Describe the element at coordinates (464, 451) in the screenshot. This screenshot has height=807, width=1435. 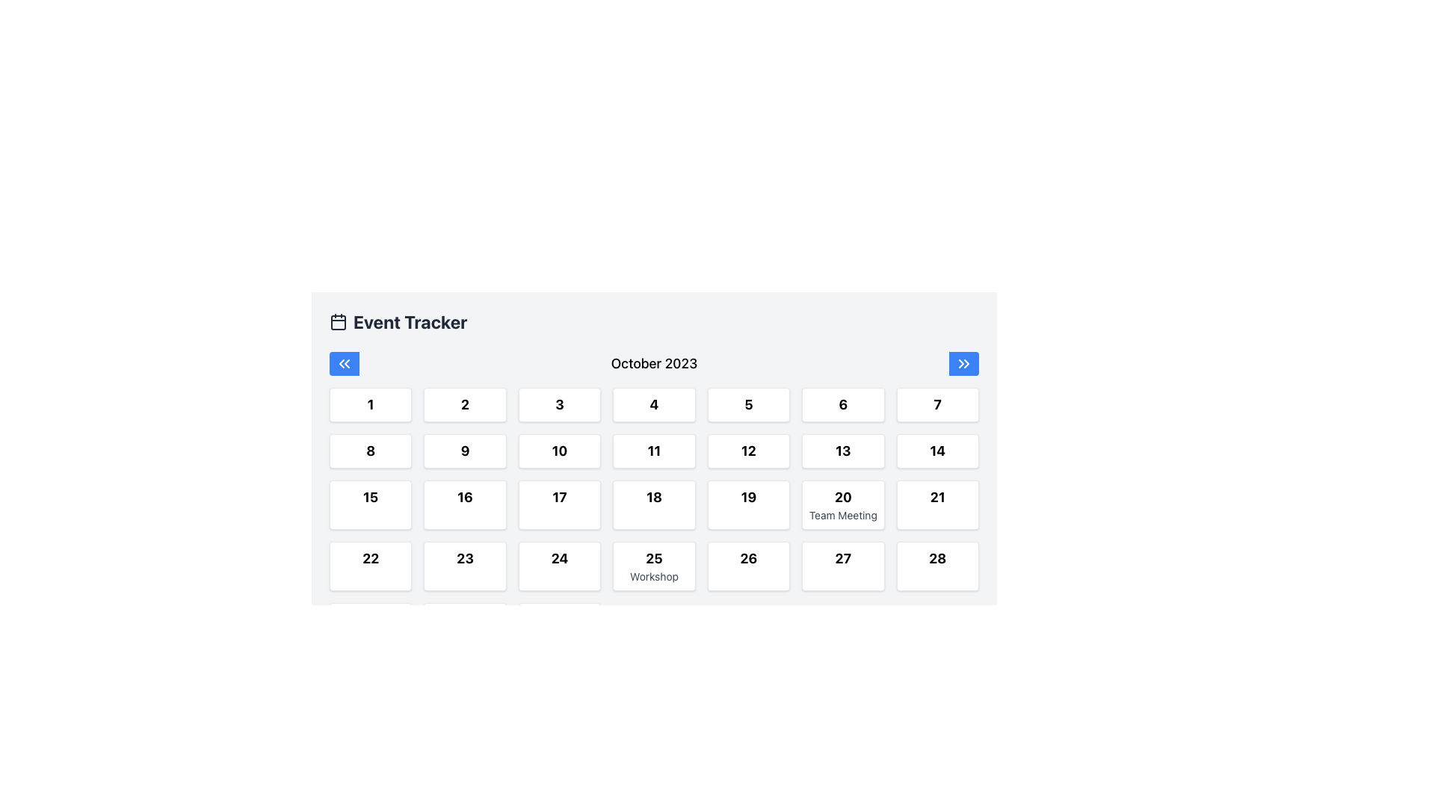
I see `the text label displaying the number '9' in bold font, which is centered in the clickable box for the 9th day of the calendar month` at that location.